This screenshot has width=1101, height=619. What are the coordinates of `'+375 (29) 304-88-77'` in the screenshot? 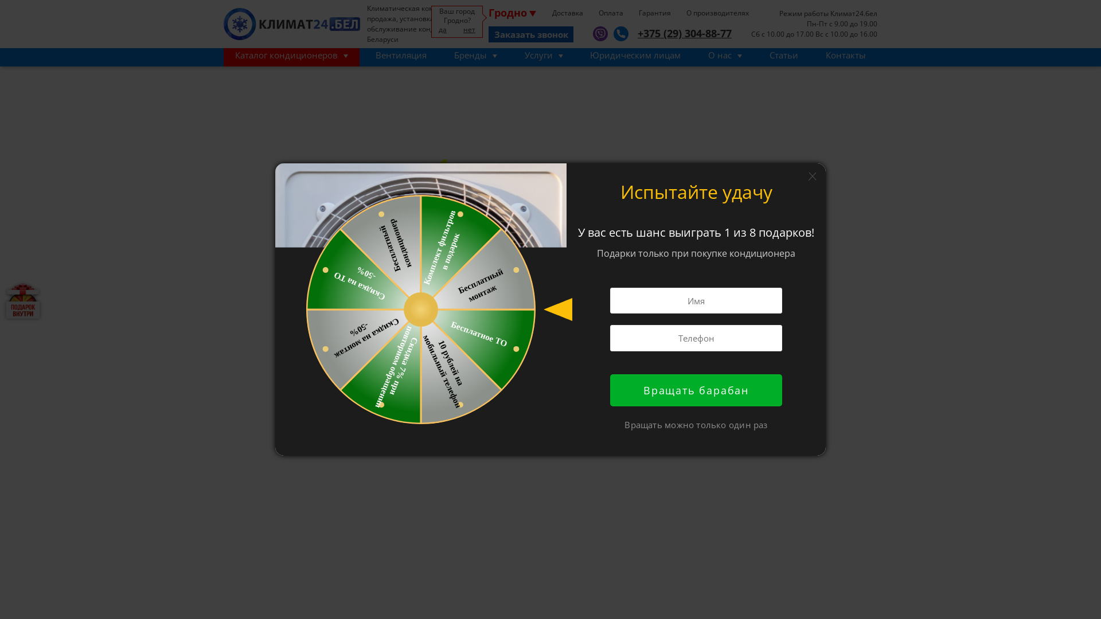 It's located at (633, 33).